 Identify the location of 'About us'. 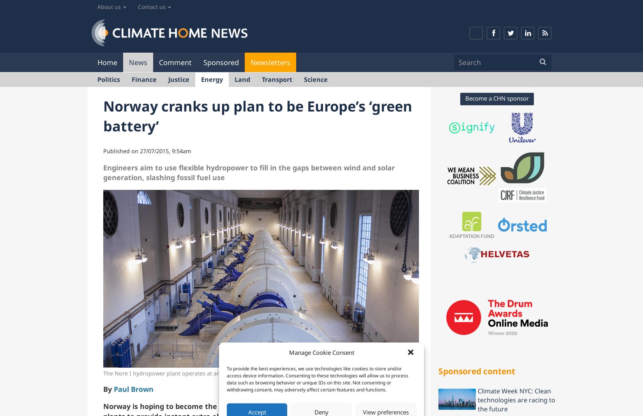
(97, 6).